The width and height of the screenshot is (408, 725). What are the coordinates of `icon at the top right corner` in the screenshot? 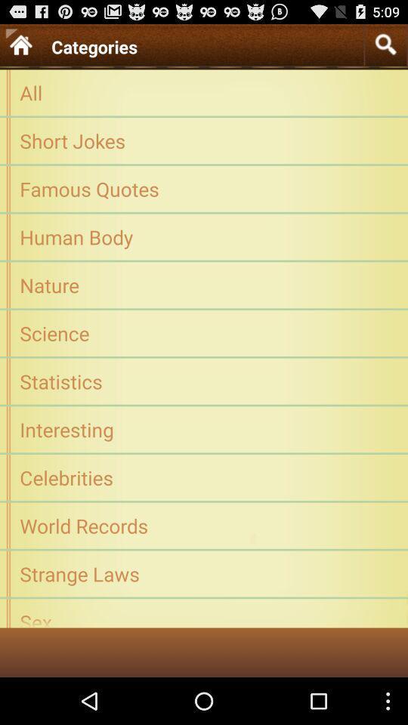 It's located at (385, 44).